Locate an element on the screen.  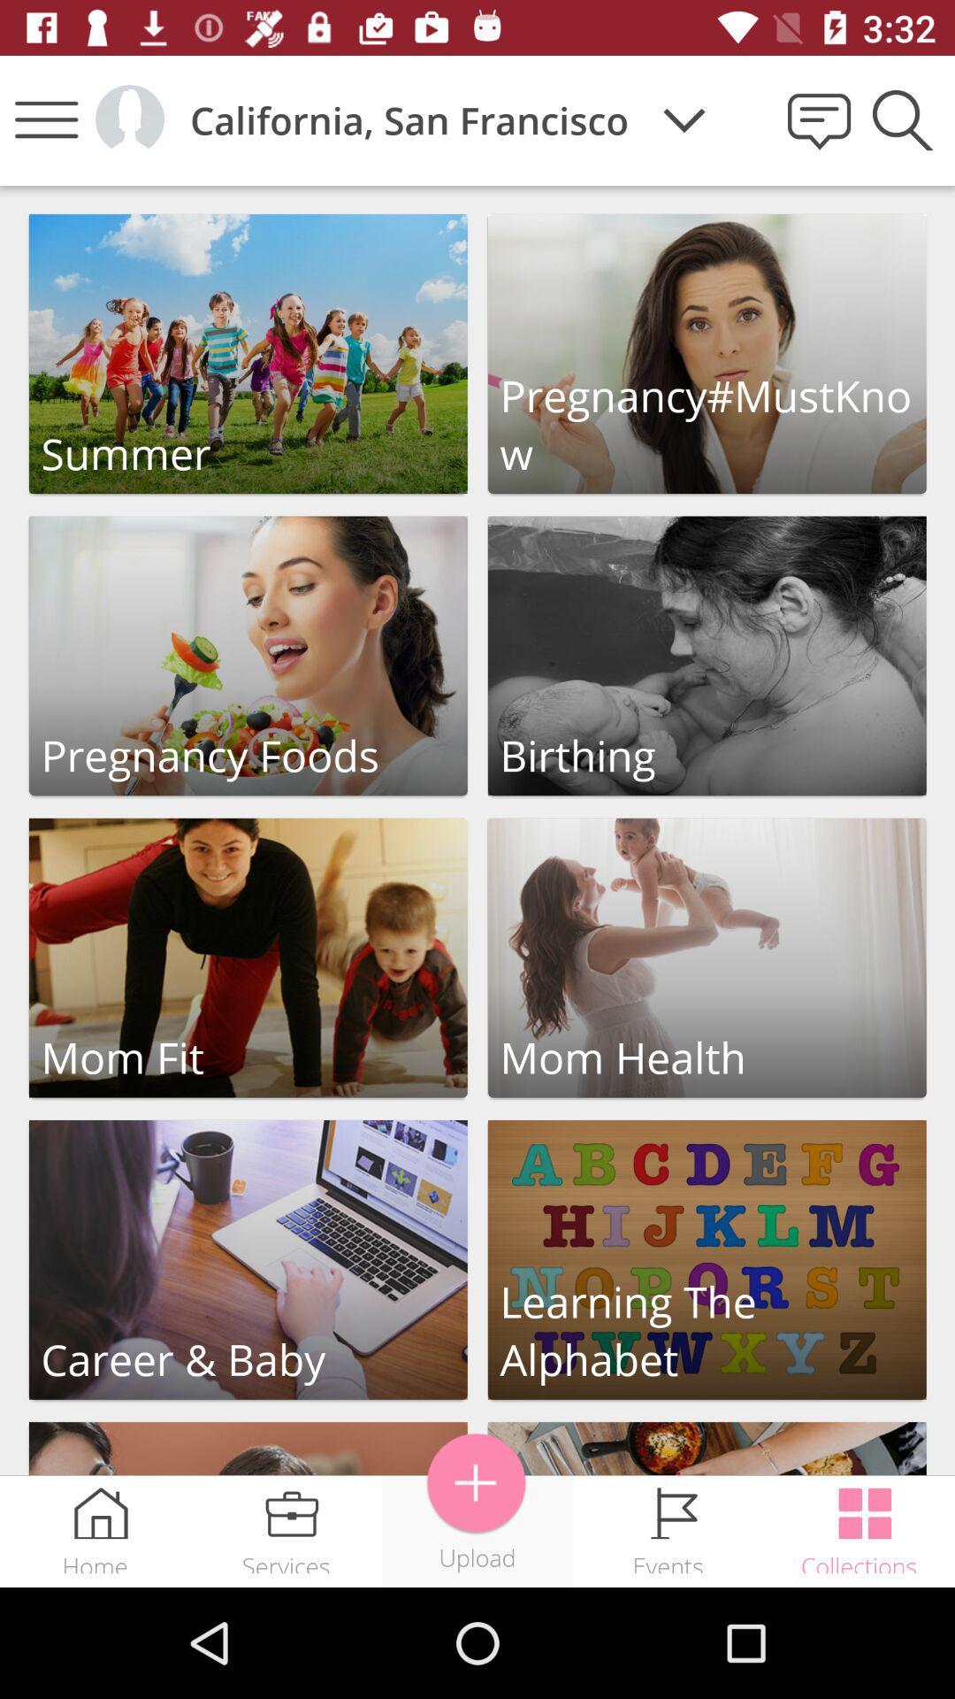
the option is located at coordinates (248, 1258).